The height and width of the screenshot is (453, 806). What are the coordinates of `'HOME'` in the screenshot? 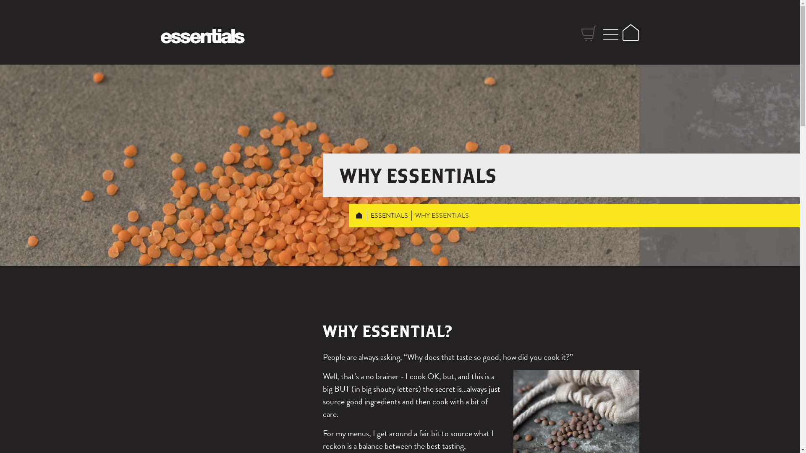 It's located at (359, 215).